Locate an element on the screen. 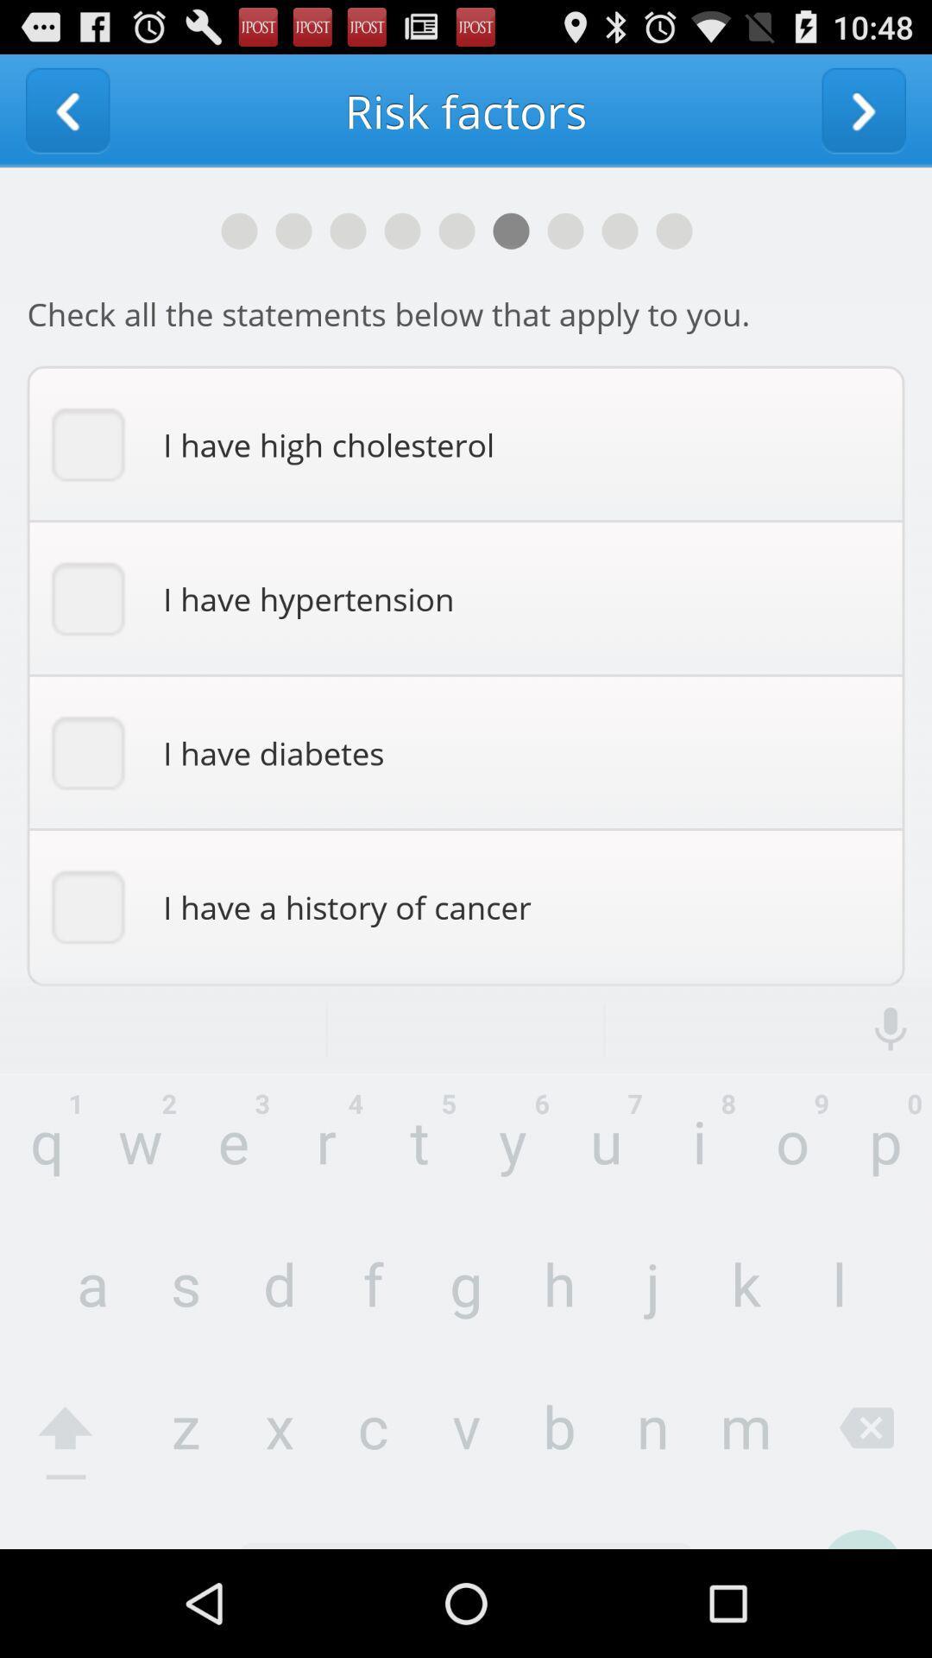 The height and width of the screenshot is (1658, 932). to go next window is located at coordinates (864, 110).